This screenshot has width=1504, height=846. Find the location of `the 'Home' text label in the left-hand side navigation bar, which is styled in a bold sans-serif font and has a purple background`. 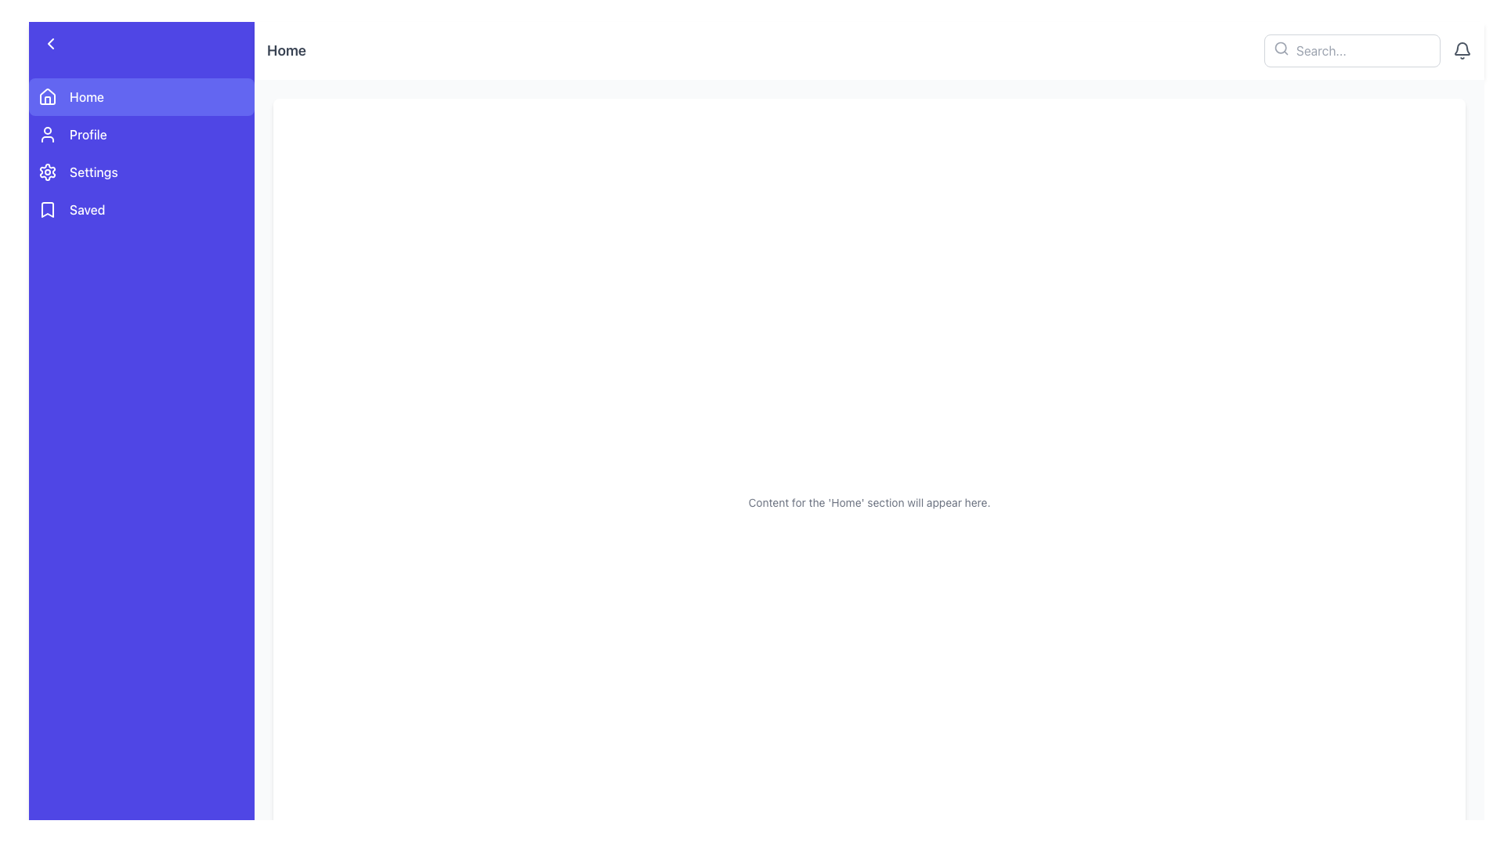

the 'Home' text label in the left-hand side navigation bar, which is styled in a bold sans-serif font and has a purple background is located at coordinates (85, 96).